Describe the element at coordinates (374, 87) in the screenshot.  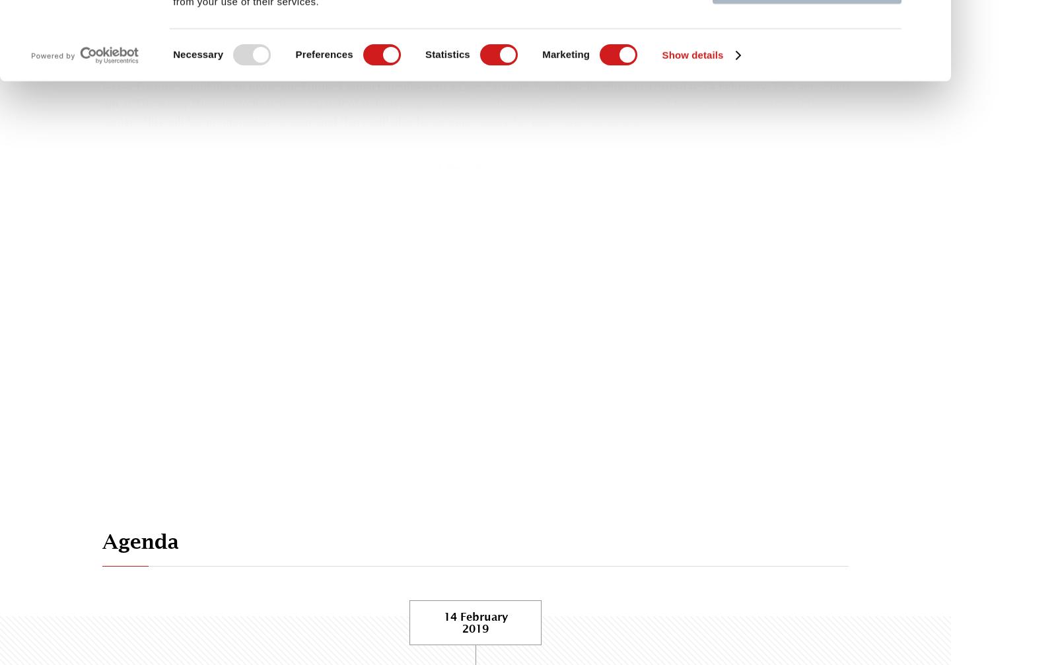
I see `'Jersey Finance would like to invite our Future Connect members to a Love Factually breakfast briefing on'` at that location.